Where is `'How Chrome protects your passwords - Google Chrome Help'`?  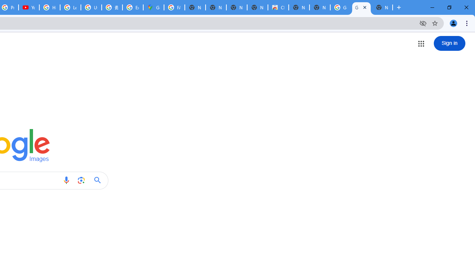
'How Chrome protects your passwords - Google Chrome Help' is located at coordinates (49, 7).